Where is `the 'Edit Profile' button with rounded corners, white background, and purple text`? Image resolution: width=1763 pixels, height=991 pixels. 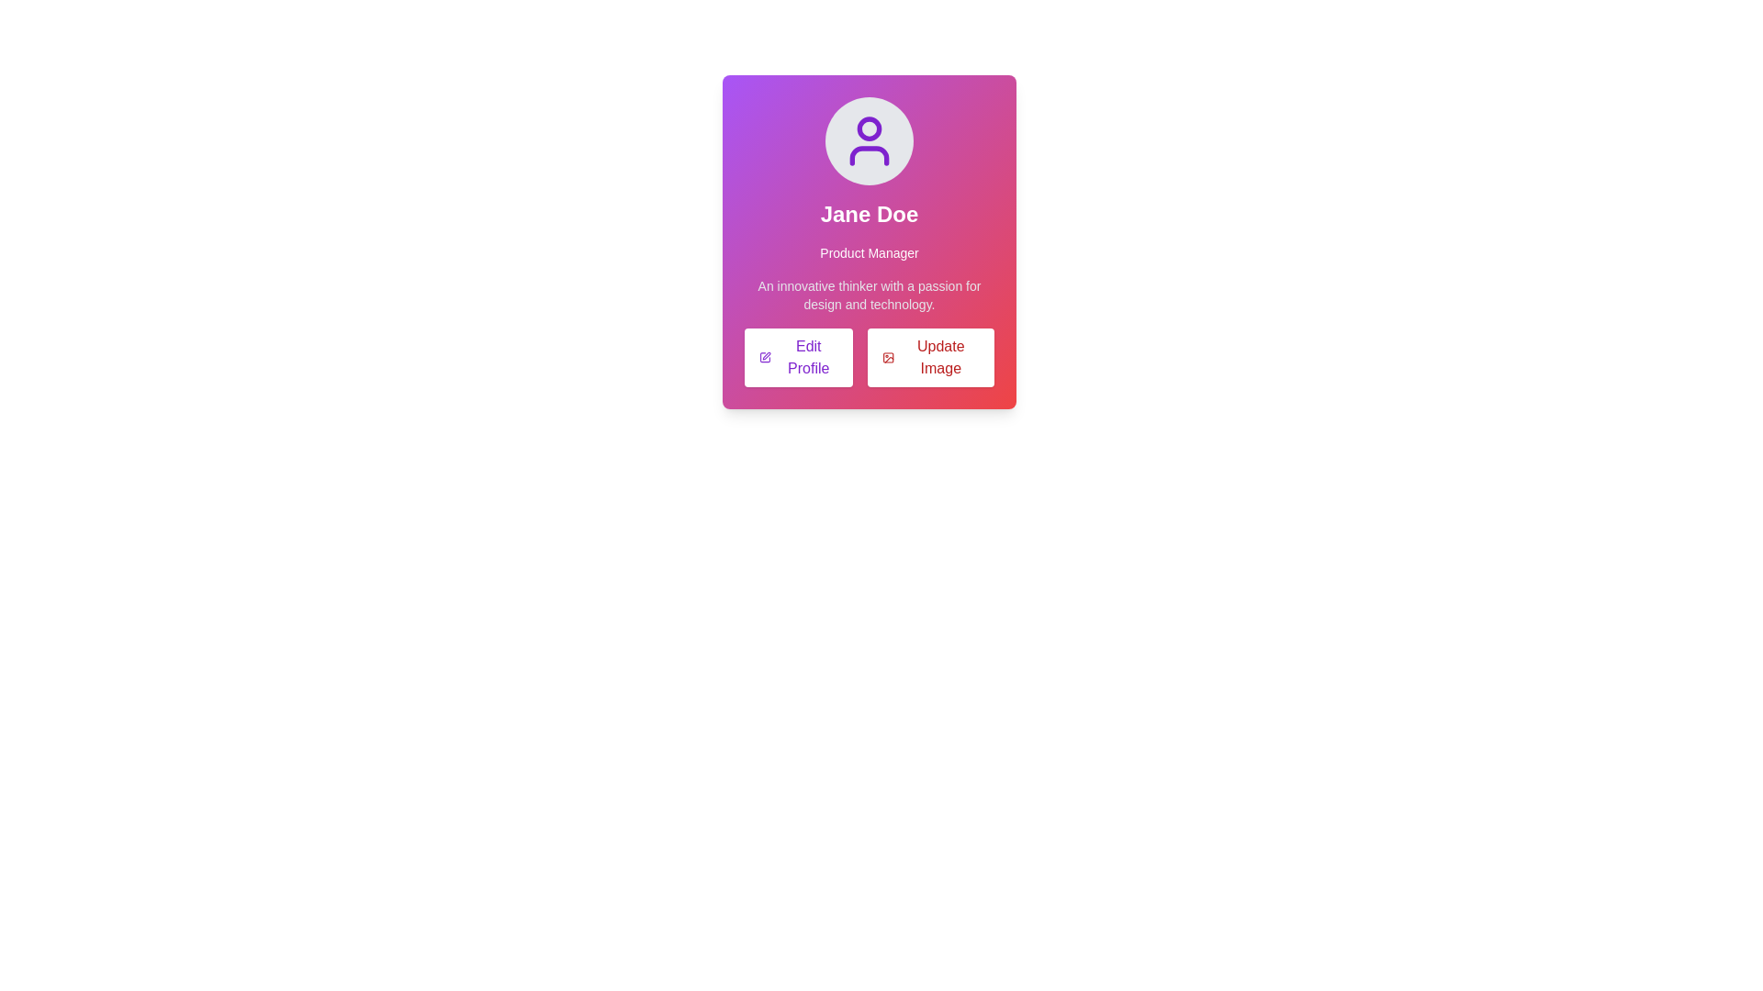 the 'Edit Profile' button with rounded corners, white background, and purple text is located at coordinates (799, 357).